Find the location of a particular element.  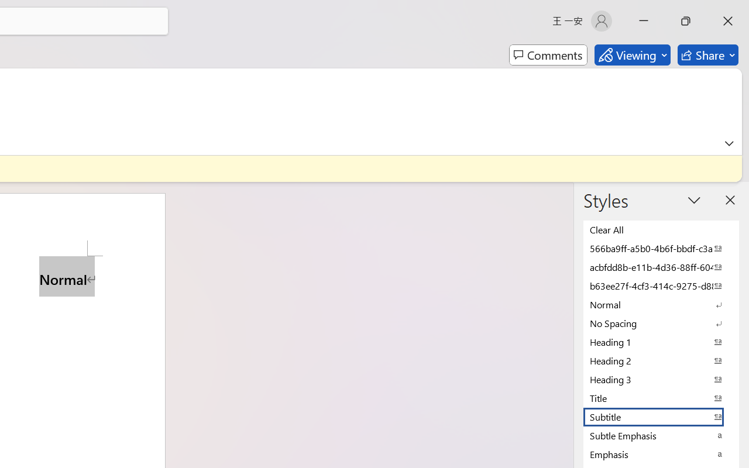

'Mode' is located at coordinates (631, 55).